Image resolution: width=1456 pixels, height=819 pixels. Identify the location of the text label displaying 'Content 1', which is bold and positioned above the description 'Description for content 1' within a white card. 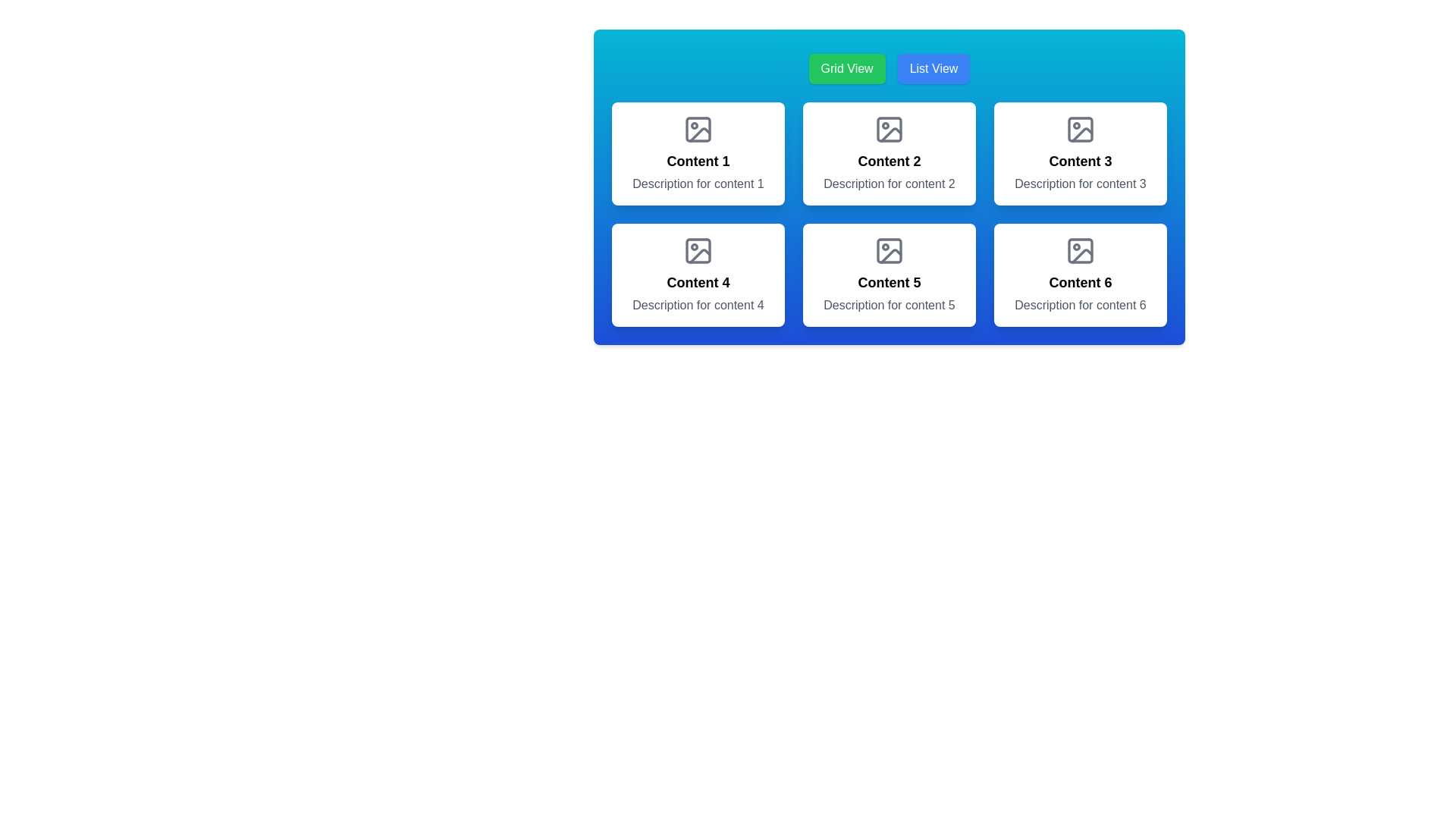
(698, 161).